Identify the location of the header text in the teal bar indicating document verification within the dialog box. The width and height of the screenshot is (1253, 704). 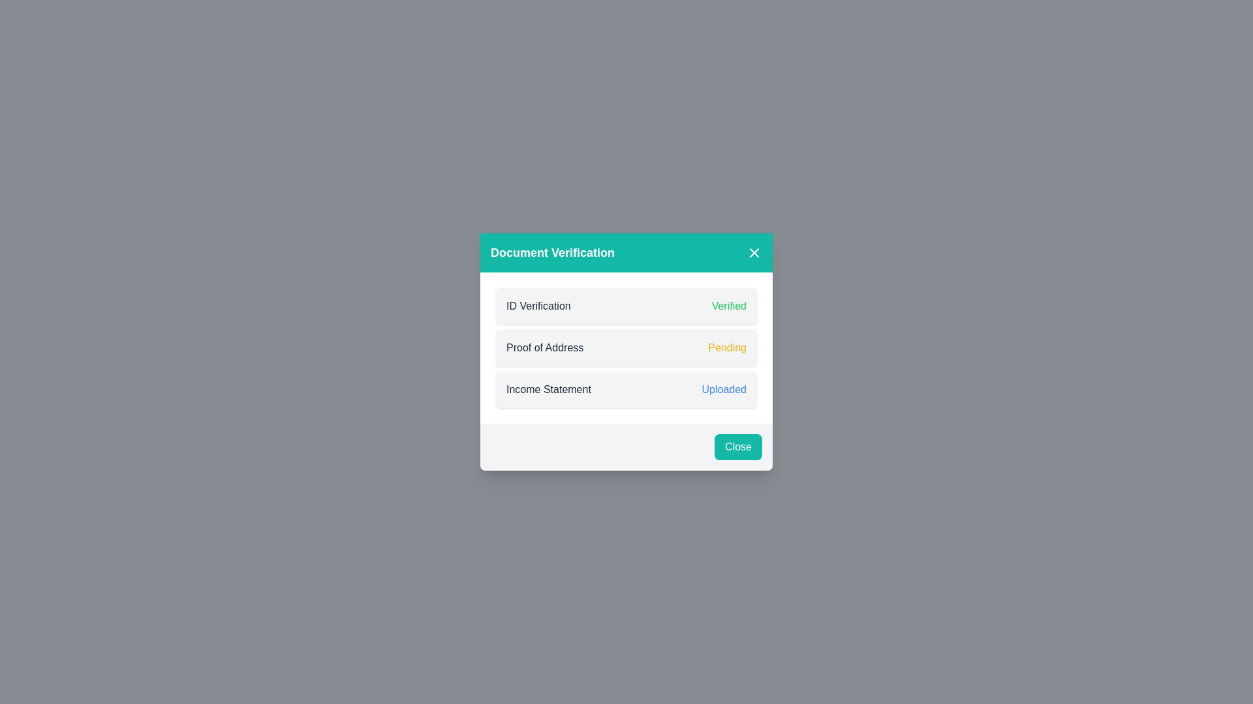
(553, 253).